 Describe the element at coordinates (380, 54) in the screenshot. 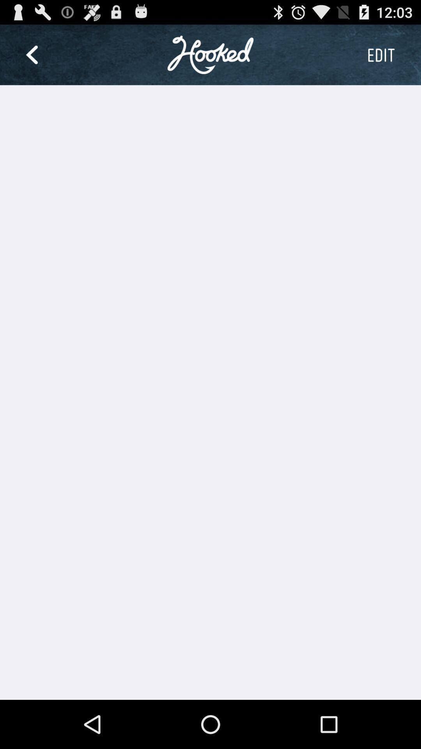

I see `the button at the top right corner` at that location.